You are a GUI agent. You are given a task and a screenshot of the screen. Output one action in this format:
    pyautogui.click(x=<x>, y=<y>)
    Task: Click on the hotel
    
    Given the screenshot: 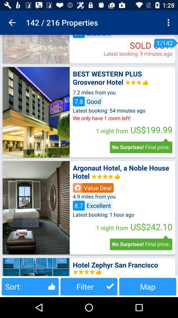 What is the action you would take?
    pyautogui.click(x=36, y=112)
    